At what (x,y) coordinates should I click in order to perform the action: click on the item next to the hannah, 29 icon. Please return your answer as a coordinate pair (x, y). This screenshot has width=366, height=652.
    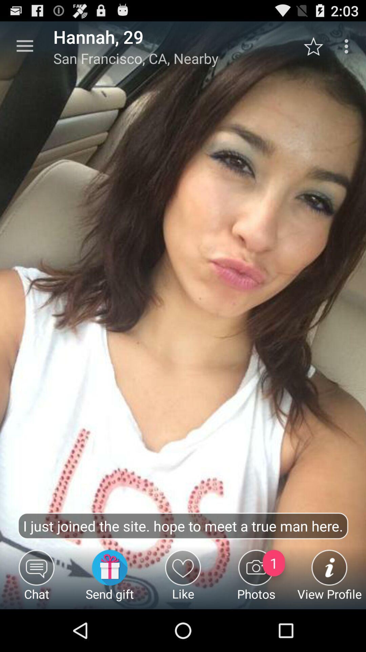
    Looking at the image, I should click on (24, 46).